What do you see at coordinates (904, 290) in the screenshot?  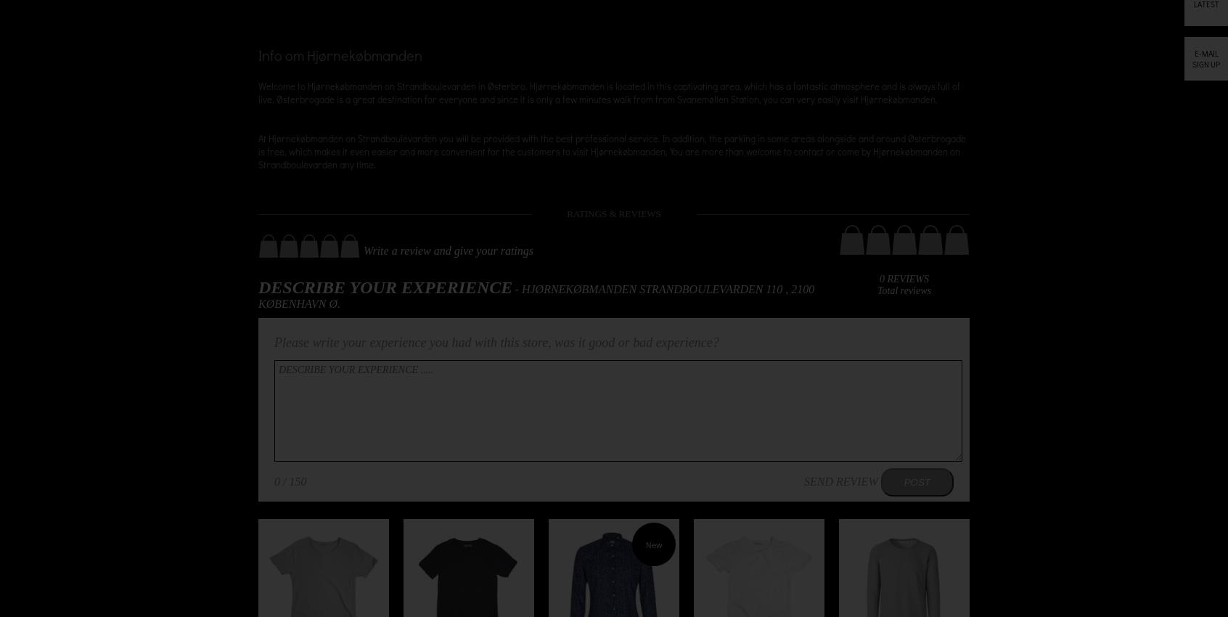 I see `'Total reviews'` at bounding box center [904, 290].